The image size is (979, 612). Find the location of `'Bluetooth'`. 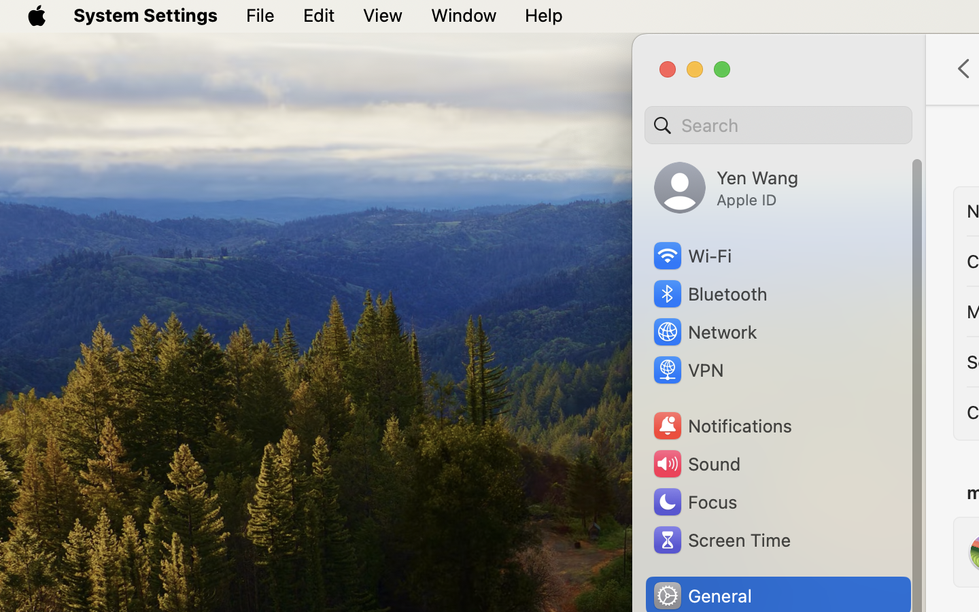

'Bluetooth' is located at coordinates (710, 294).